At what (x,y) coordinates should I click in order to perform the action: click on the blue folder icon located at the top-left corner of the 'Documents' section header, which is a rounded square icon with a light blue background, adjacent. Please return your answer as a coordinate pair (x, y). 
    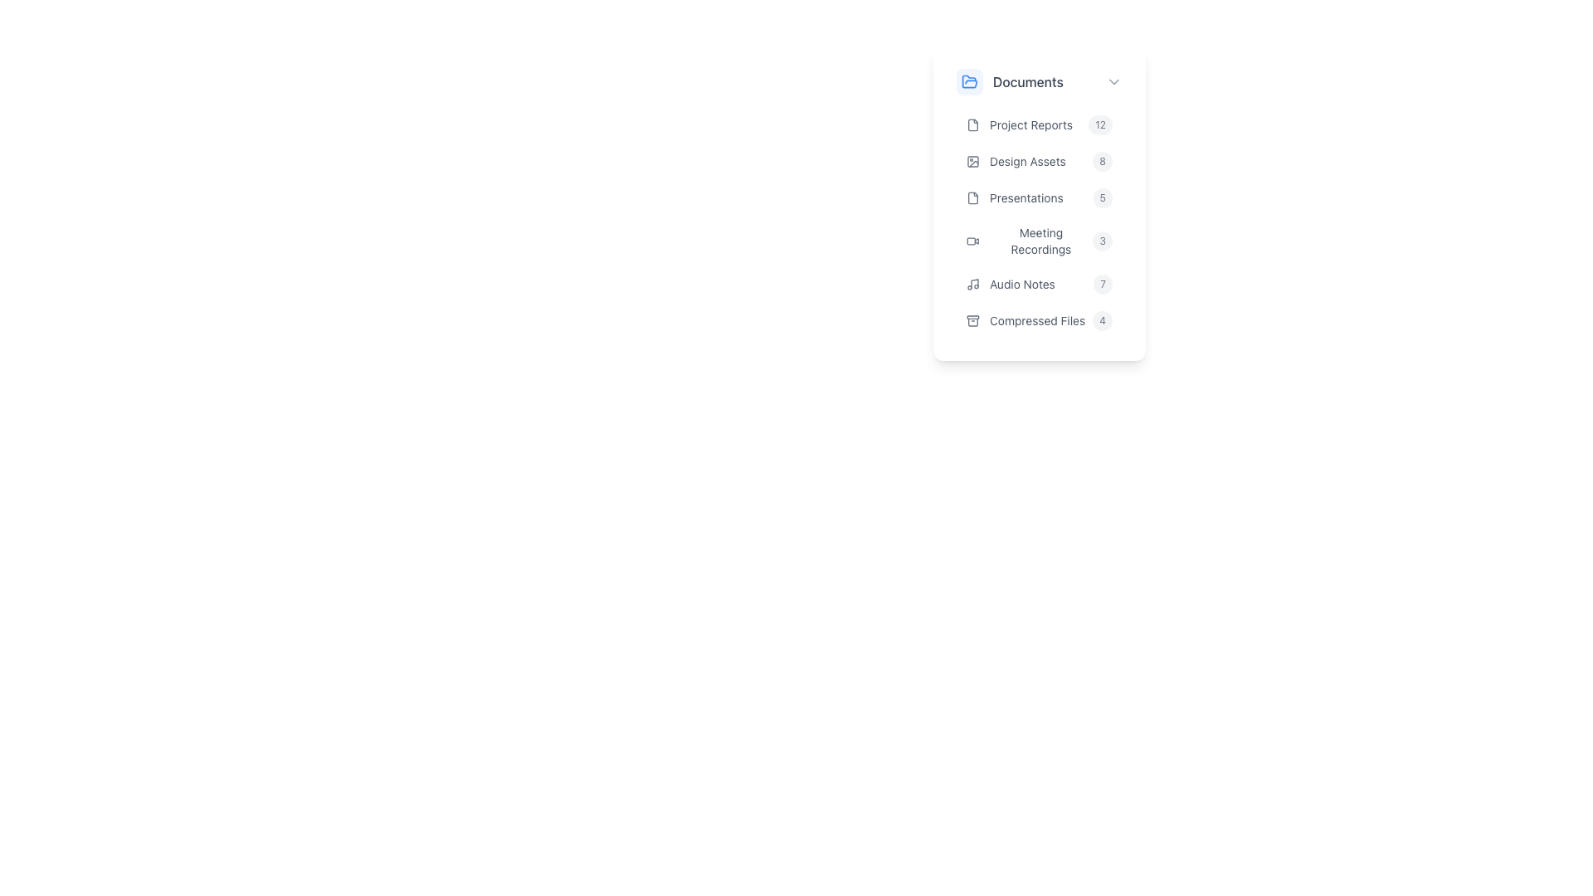
    Looking at the image, I should click on (970, 82).